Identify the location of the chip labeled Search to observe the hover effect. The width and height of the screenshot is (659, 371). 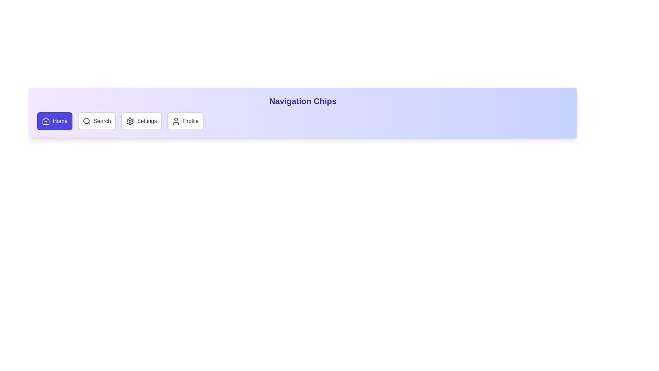
(96, 121).